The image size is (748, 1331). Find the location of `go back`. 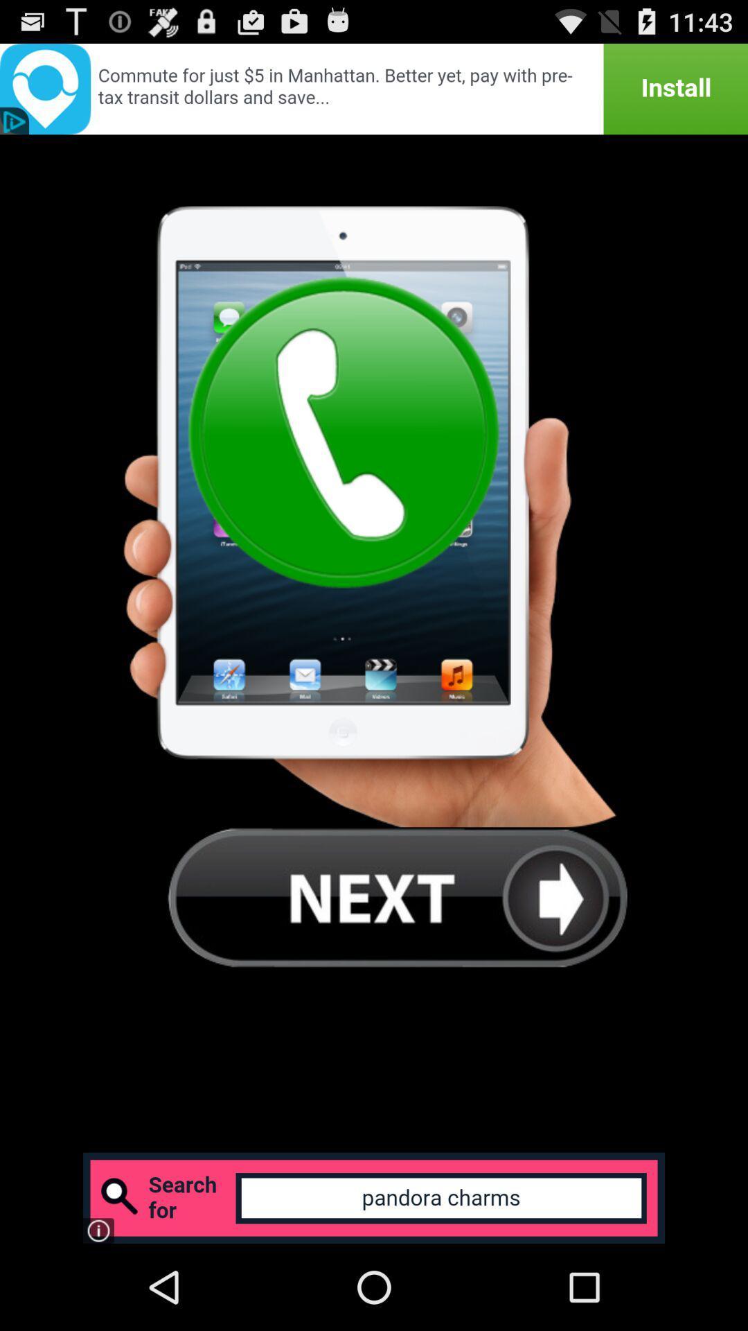

go back is located at coordinates (398, 897).